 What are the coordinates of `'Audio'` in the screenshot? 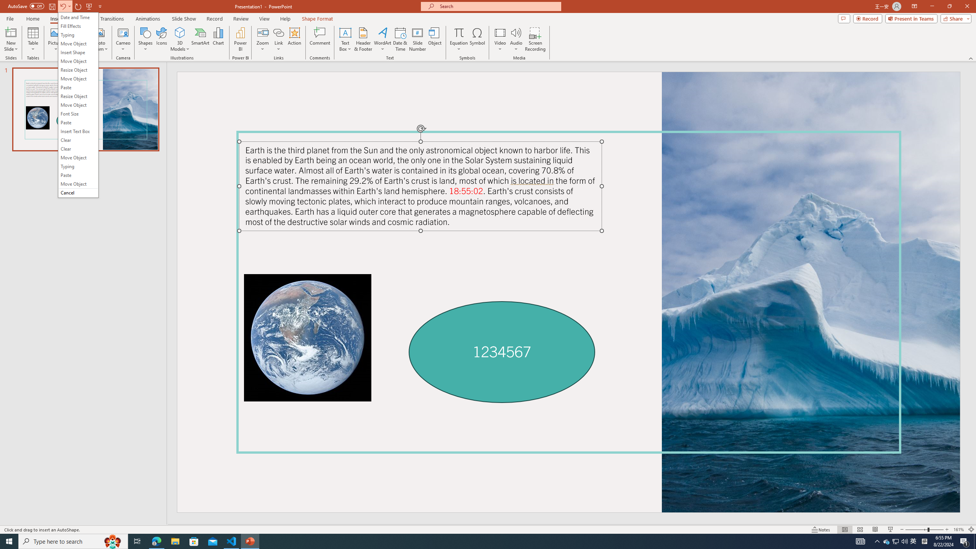 It's located at (516, 39).